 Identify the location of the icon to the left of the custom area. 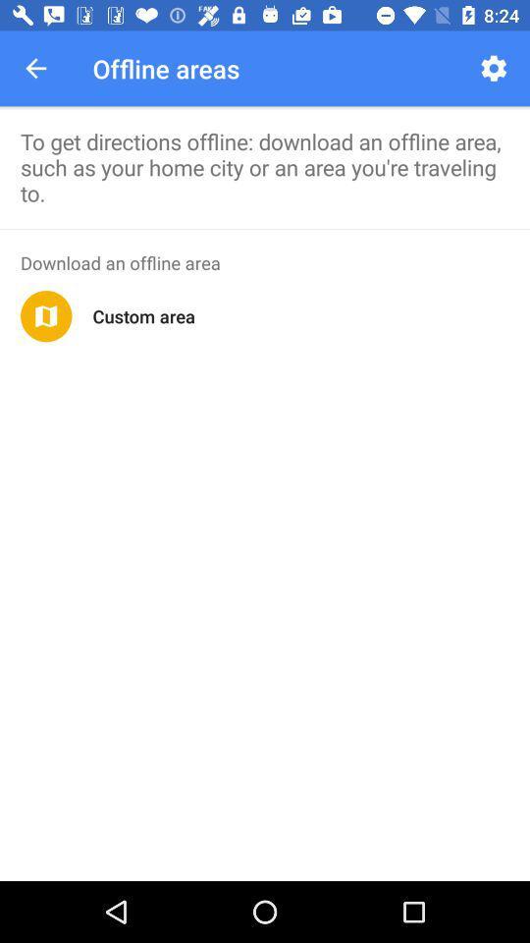
(46, 316).